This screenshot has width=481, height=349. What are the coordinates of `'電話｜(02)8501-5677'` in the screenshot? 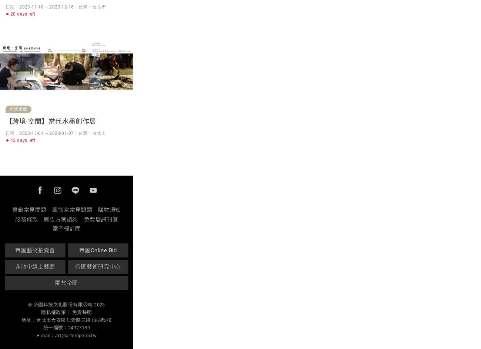 It's located at (9, 50).